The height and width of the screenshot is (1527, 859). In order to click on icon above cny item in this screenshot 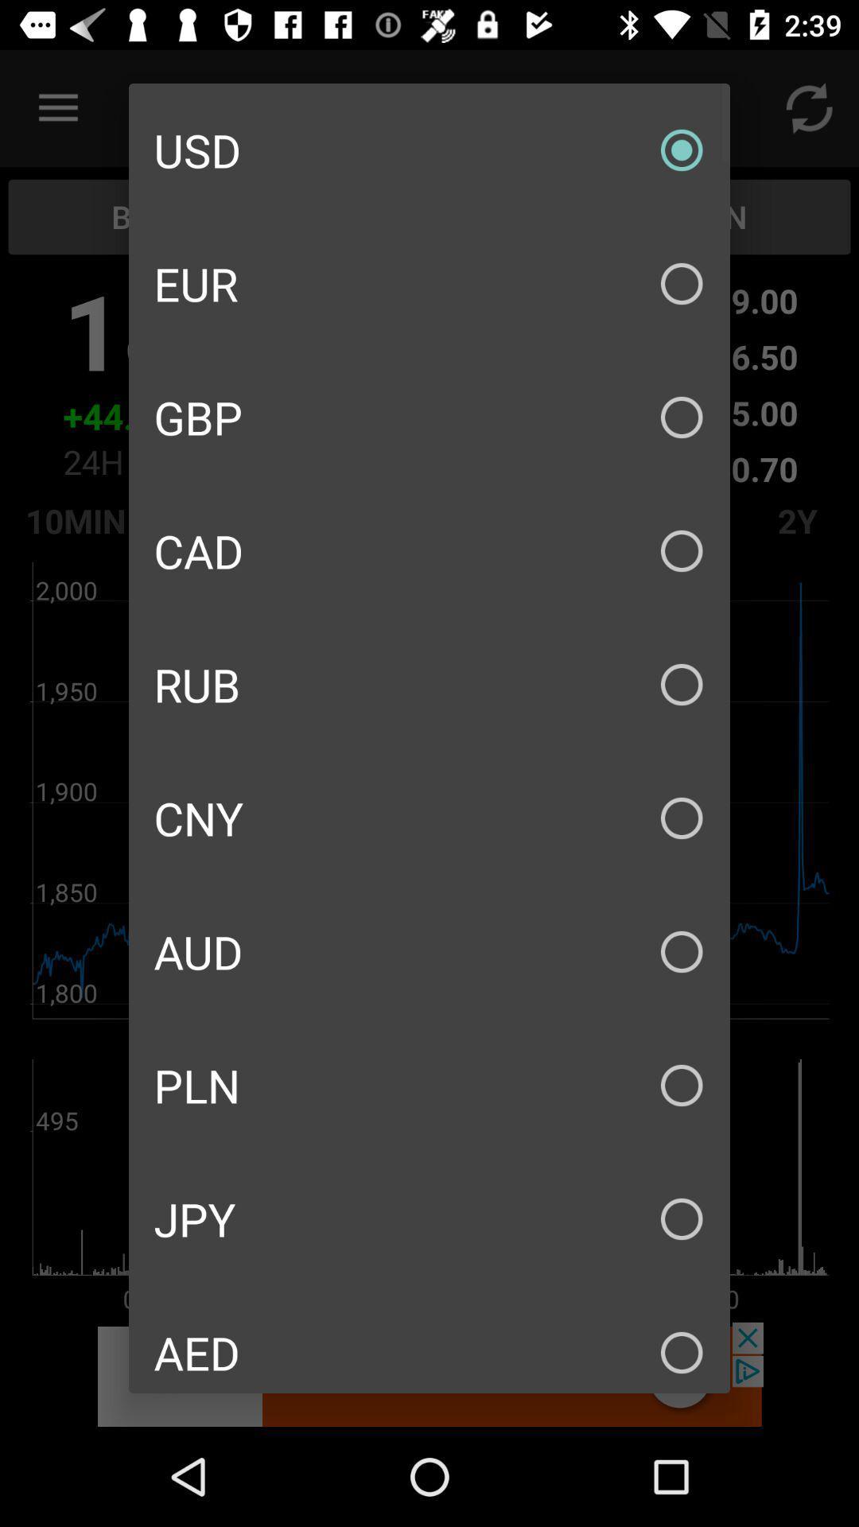, I will do `click(429, 684)`.